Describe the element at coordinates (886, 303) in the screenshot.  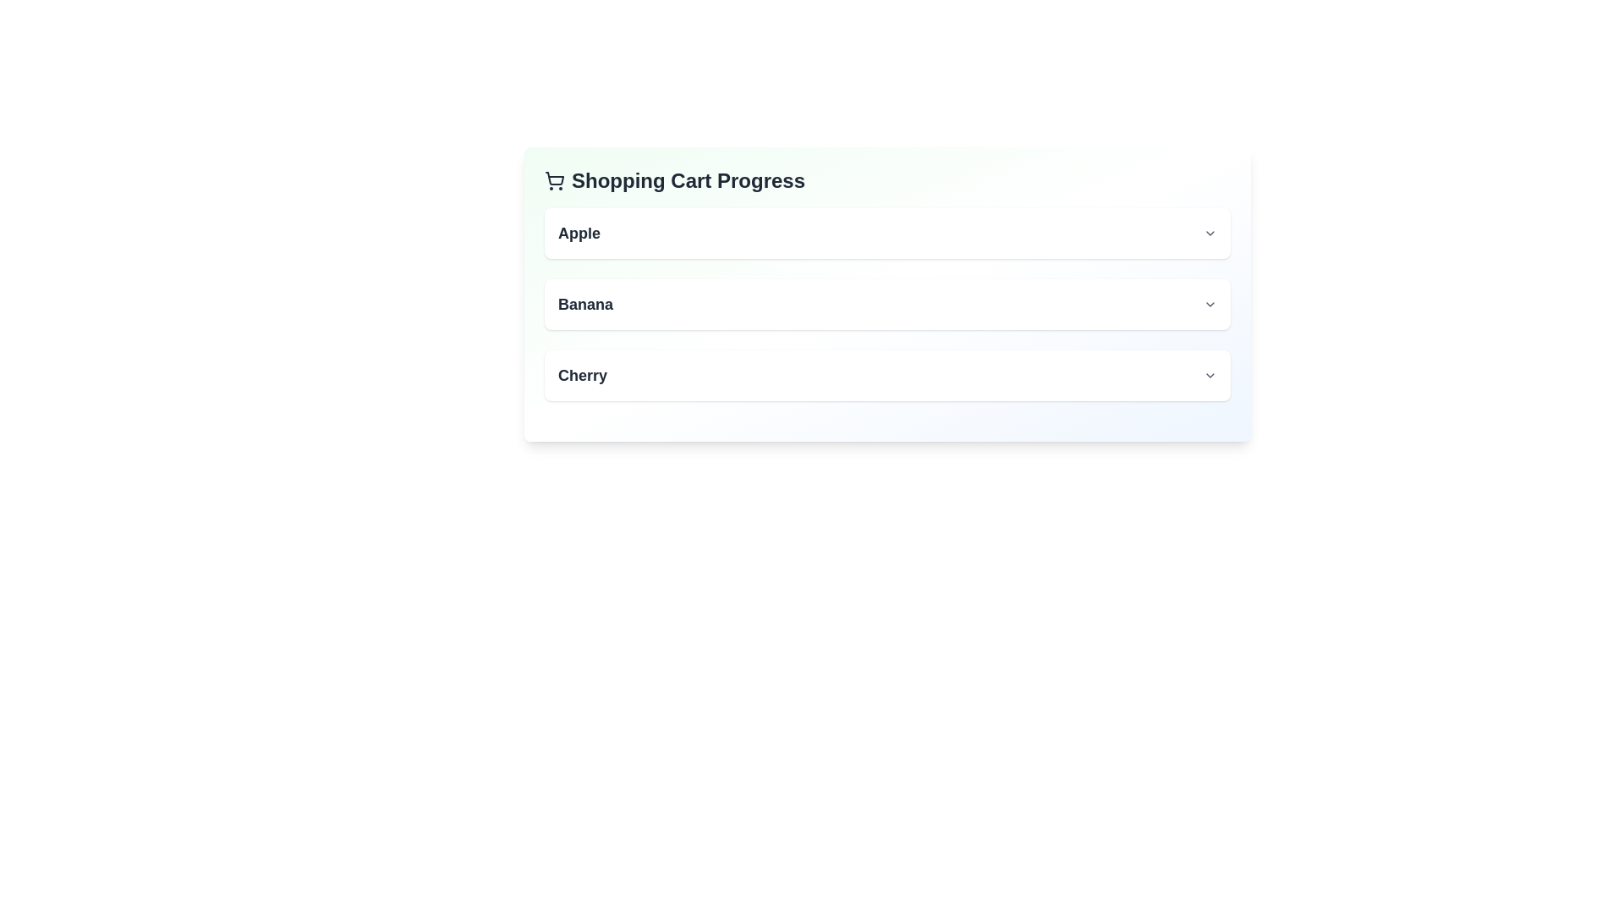
I see `the Dropdown Trigger labeled 'Banana'` at that location.